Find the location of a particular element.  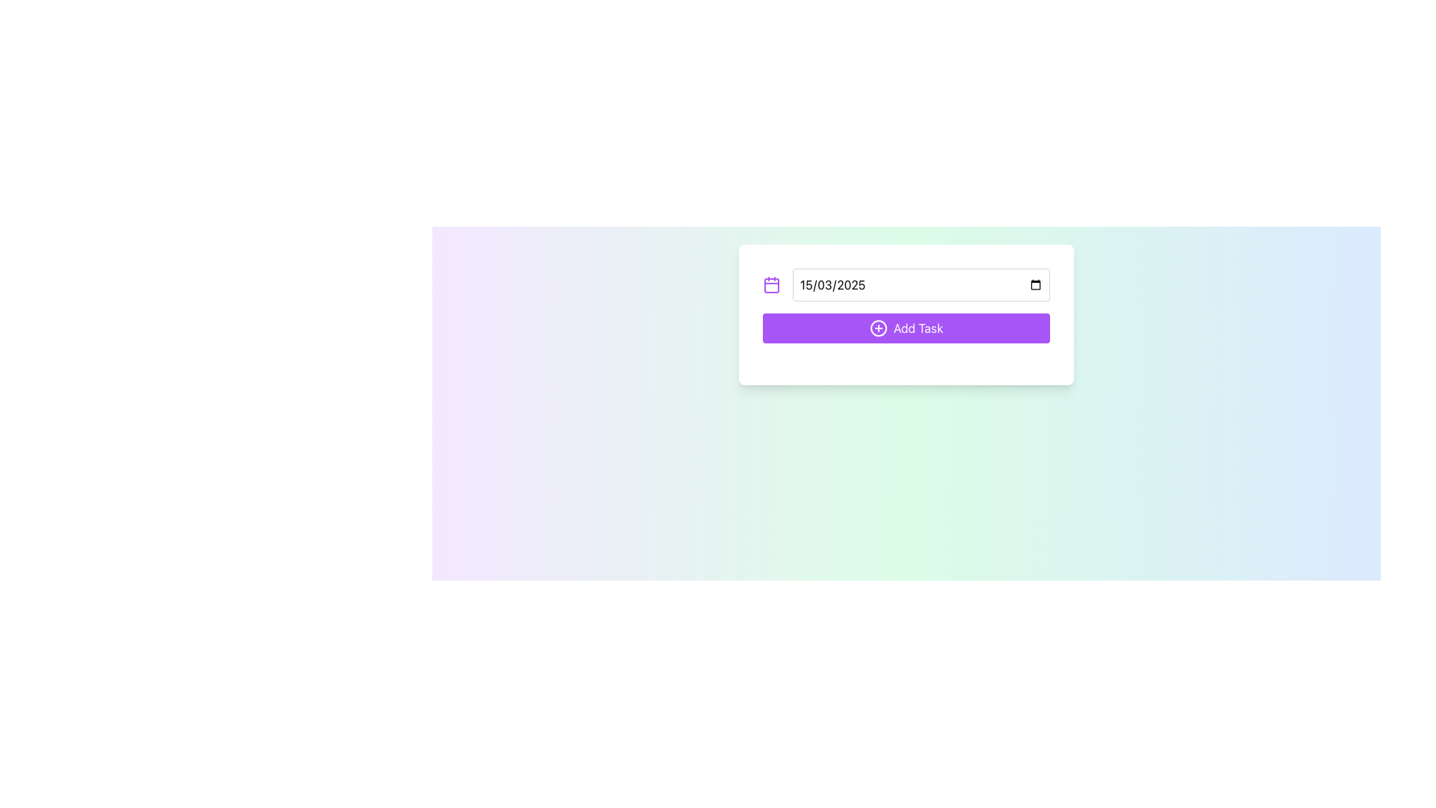

the decorative SVG rectangle component of the calendar icon located to the left of the date entry field is located at coordinates (772, 285).